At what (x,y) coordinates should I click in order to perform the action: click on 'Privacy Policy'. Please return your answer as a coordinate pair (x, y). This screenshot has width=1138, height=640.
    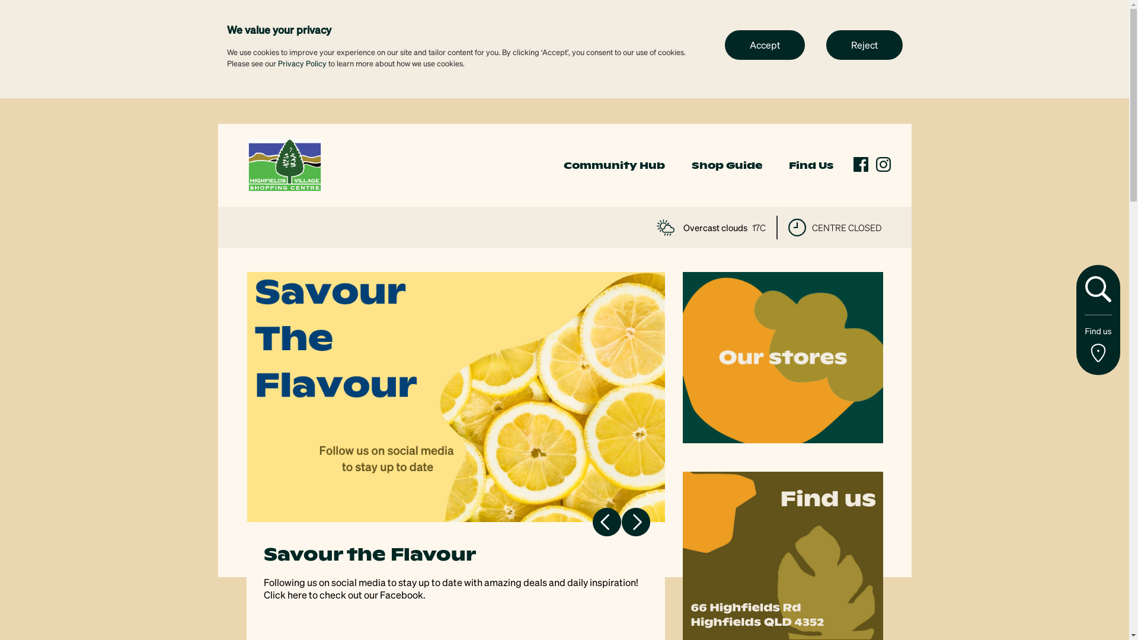
    Looking at the image, I should click on (276, 63).